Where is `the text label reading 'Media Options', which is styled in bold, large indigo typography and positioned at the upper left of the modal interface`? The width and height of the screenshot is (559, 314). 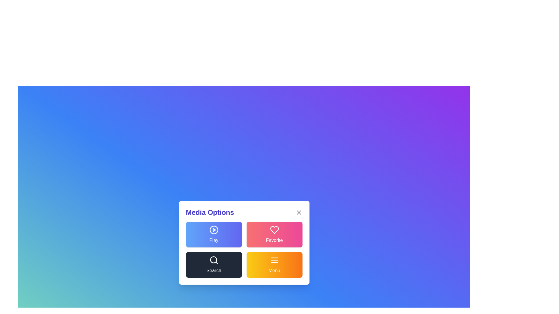
the text label reading 'Media Options', which is styled in bold, large indigo typography and positioned at the upper left of the modal interface is located at coordinates (210, 213).